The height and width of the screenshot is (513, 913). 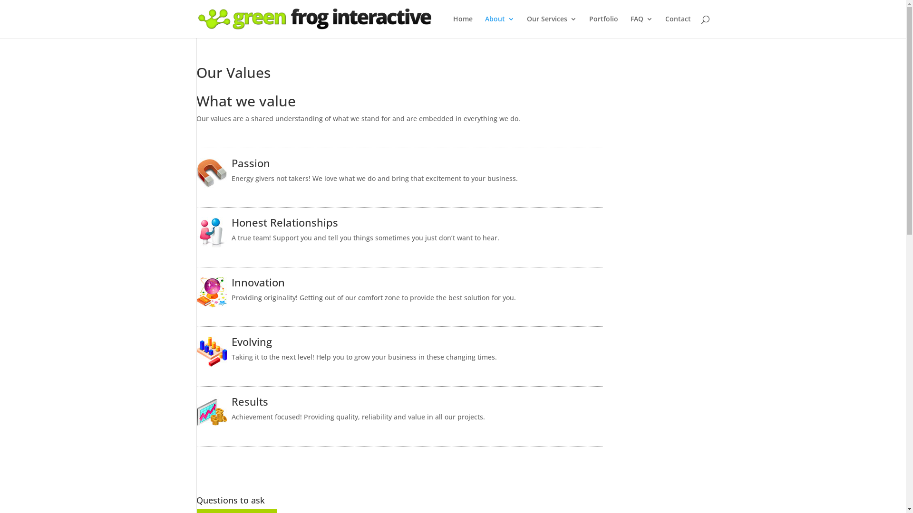 What do you see at coordinates (641, 26) in the screenshot?
I see `'FAQ'` at bounding box center [641, 26].